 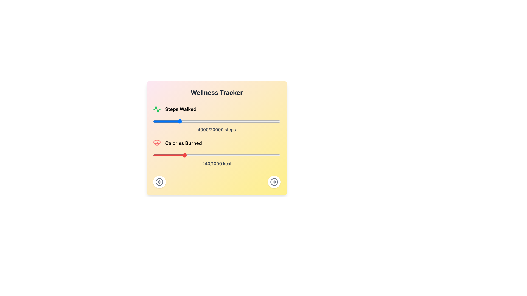 What do you see at coordinates (202, 155) in the screenshot?
I see `the calories burned slider` at bounding box center [202, 155].